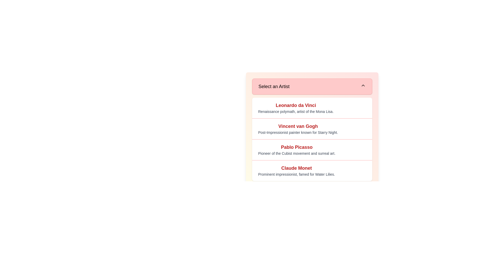 This screenshot has height=279, width=497. I want to click on an artist option from the dropdown menu titled 'Select an Artist', located in the center-right region of the interface, so click(312, 129).